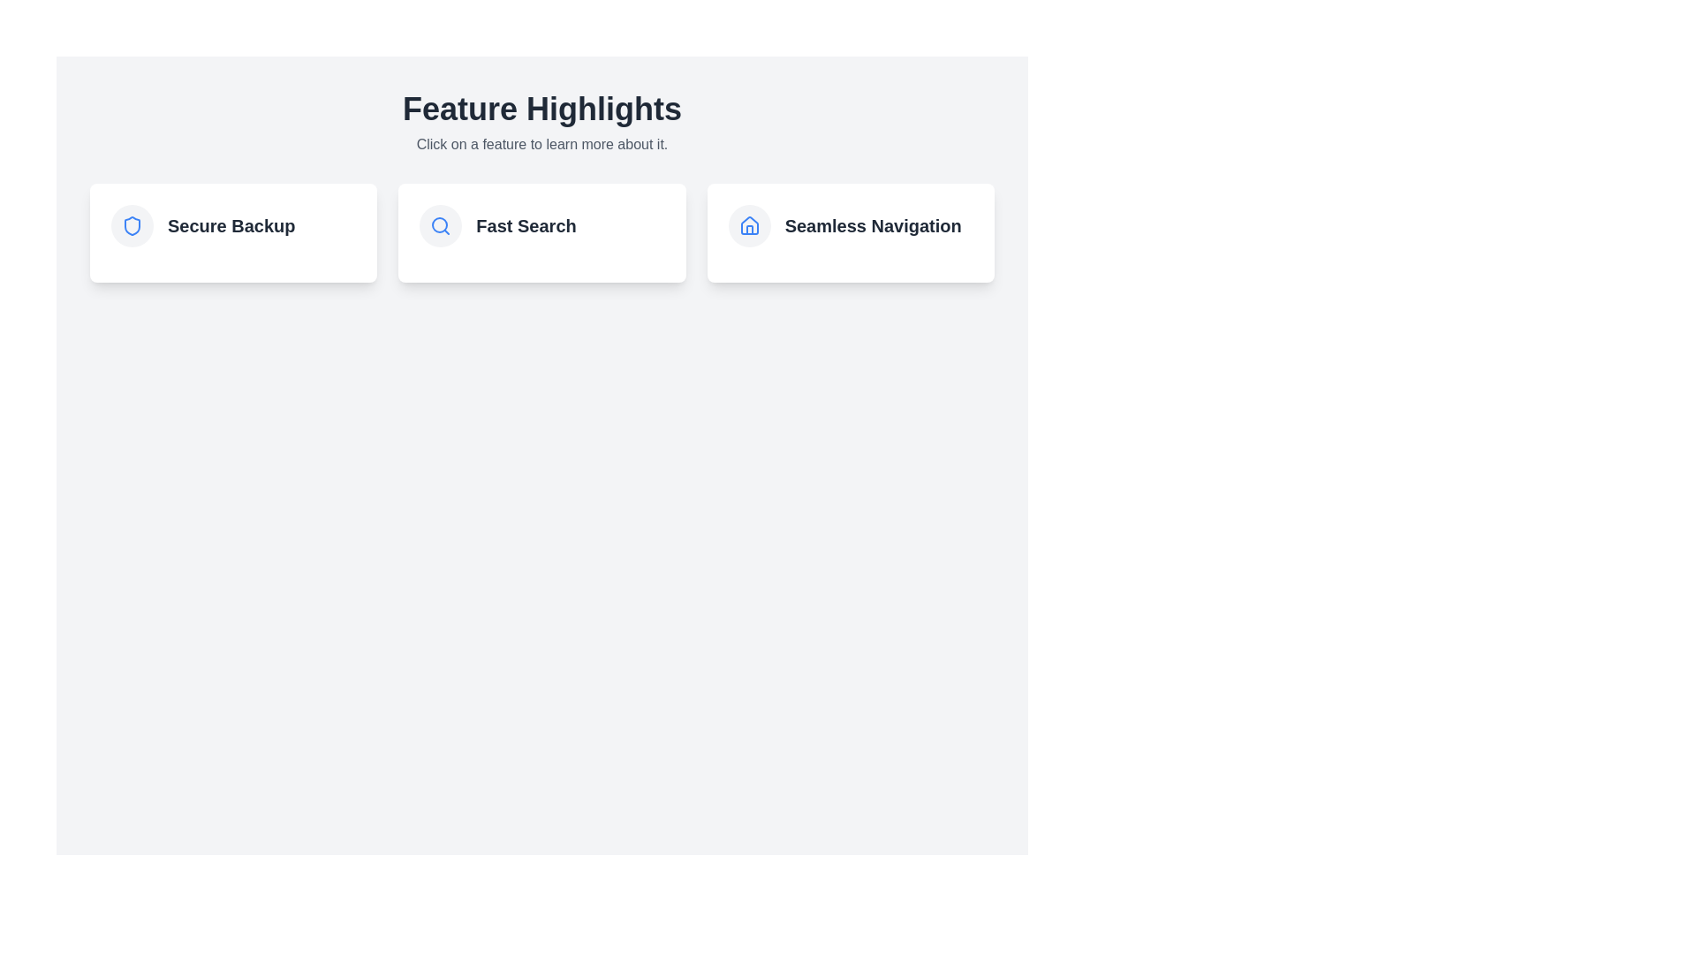 Image resolution: width=1696 pixels, height=954 pixels. I want to click on the 'home' vector icon located at the center of the third button from the left in the 'Feature Highlights' section, so click(749, 224).